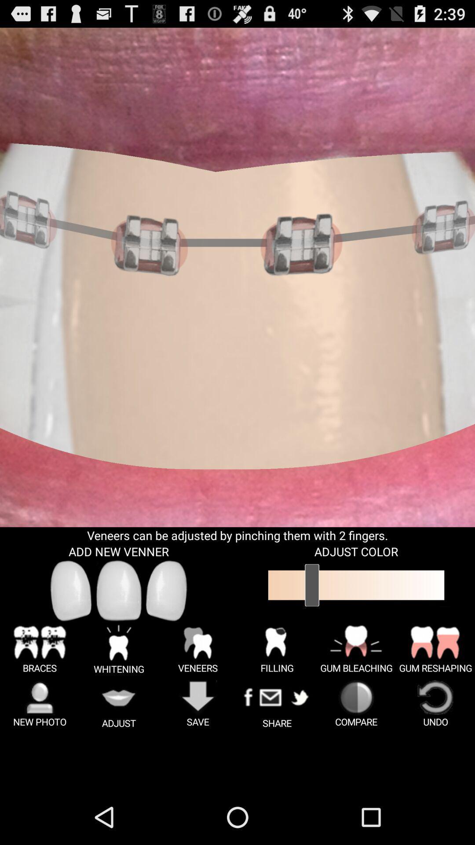  What do you see at coordinates (119, 704) in the screenshot?
I see `the icon below whitening` at bounding box center [119, 704].